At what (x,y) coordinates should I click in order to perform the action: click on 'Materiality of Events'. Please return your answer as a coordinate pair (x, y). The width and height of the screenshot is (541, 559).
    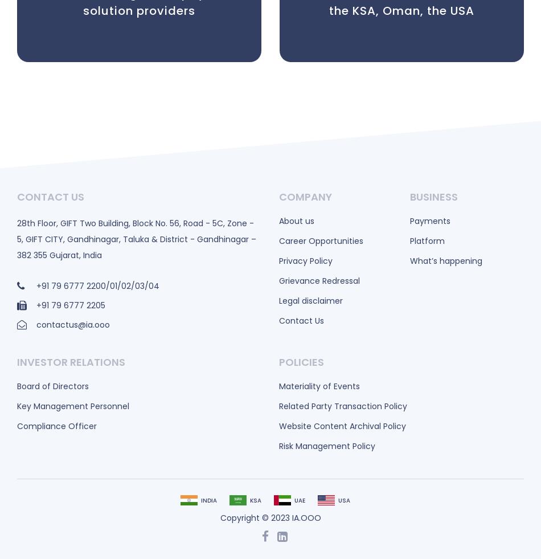
    Looking at the image, I should click on (319, 386).